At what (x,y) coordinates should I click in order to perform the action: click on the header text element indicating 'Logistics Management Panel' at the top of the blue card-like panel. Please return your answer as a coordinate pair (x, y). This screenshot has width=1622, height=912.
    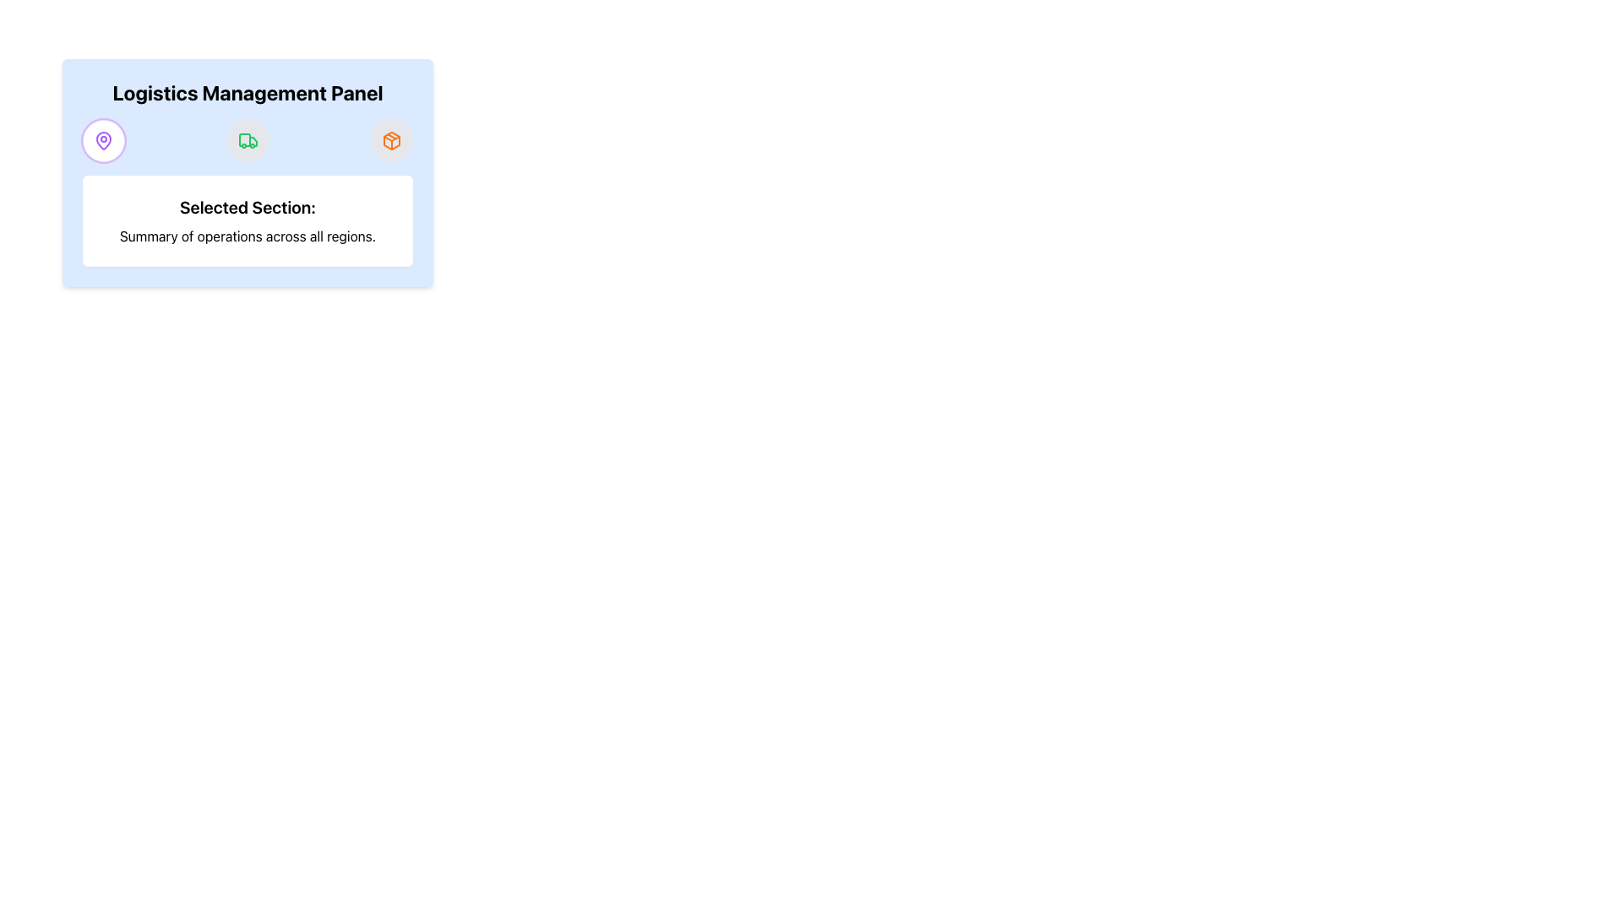
    Looking at the image, I should click on (247, 93).